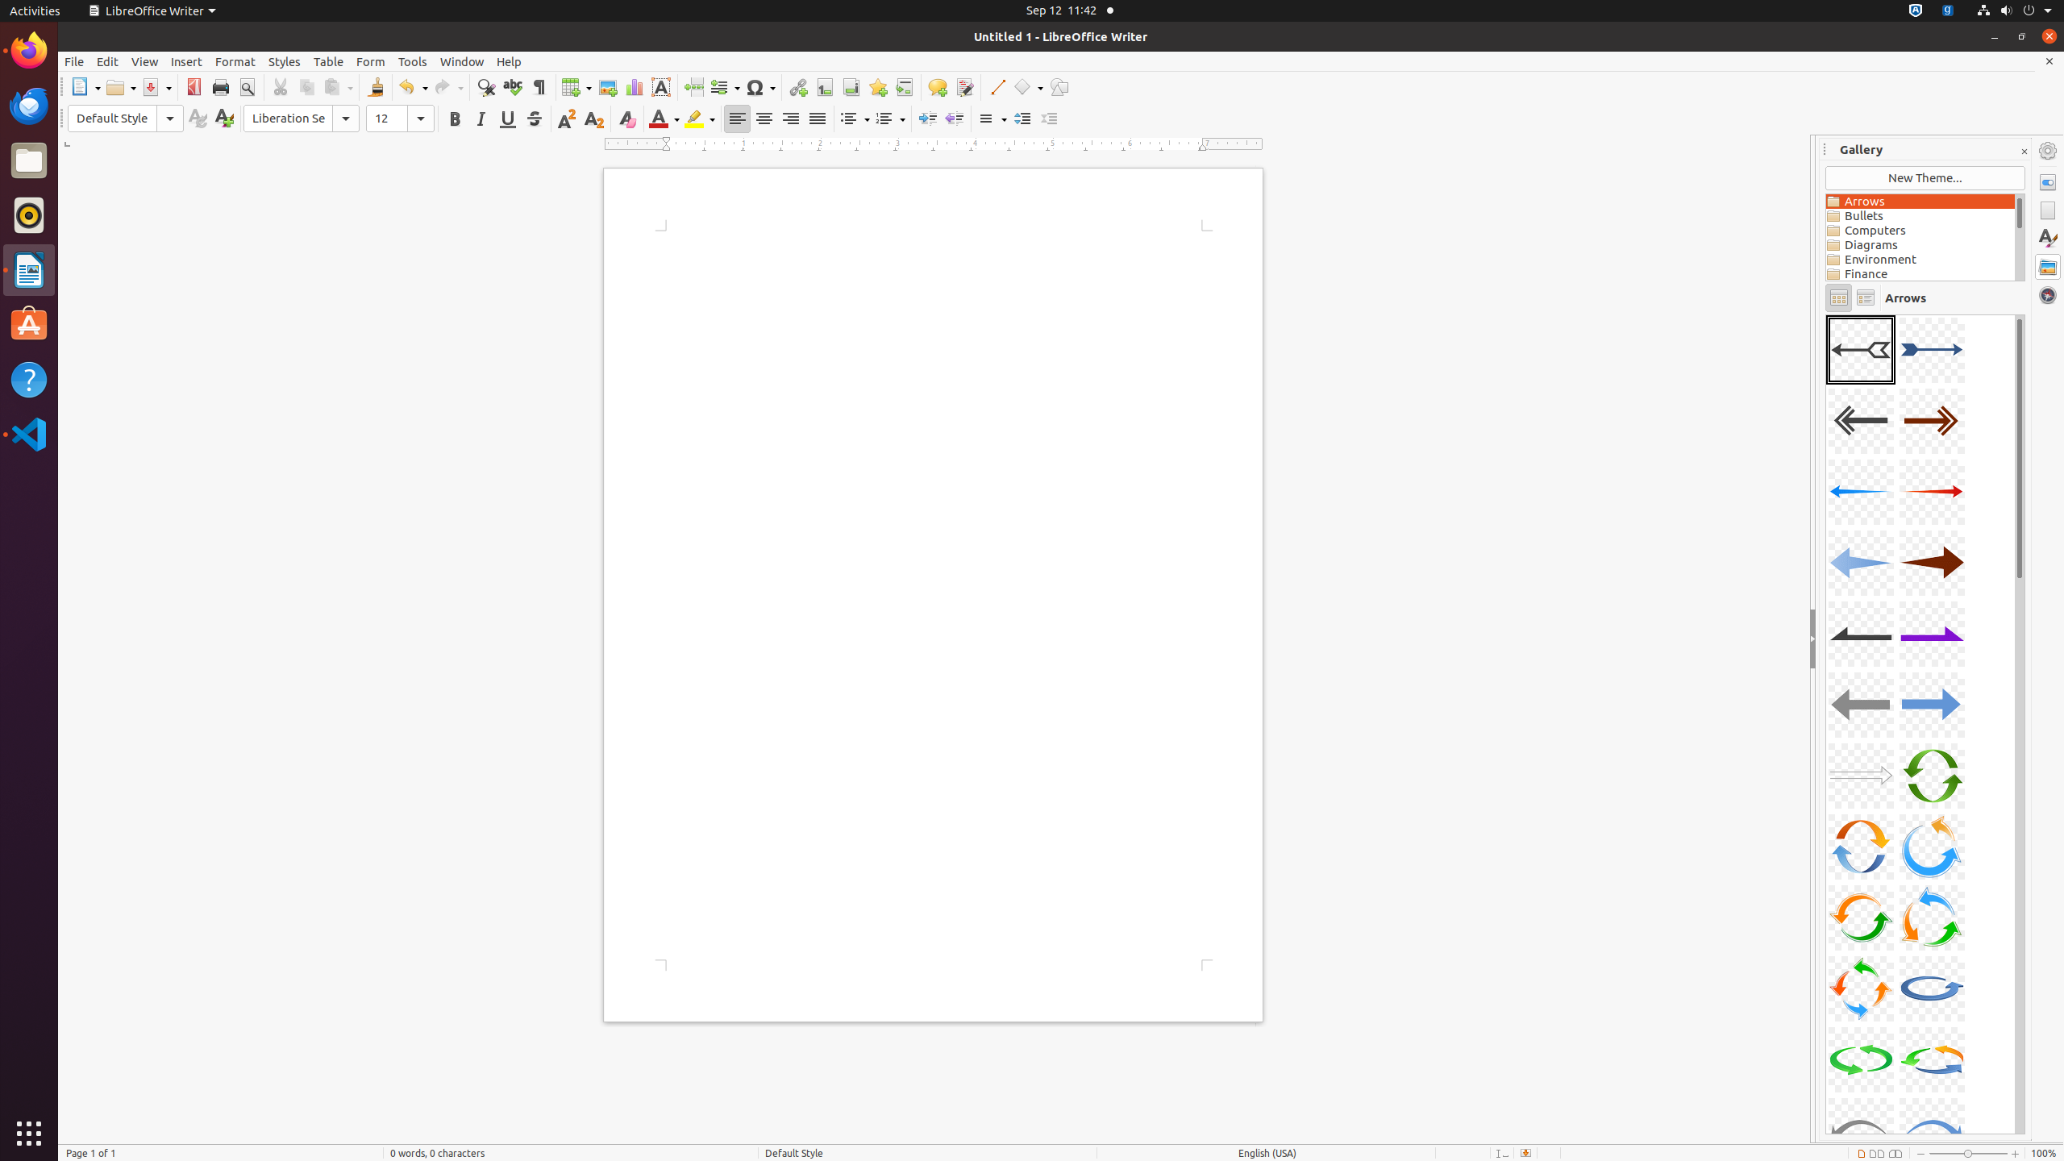 Image resolution: width=2064 pixels, height=1161 pixels. I want to click on 'Line', so click(996, 86).